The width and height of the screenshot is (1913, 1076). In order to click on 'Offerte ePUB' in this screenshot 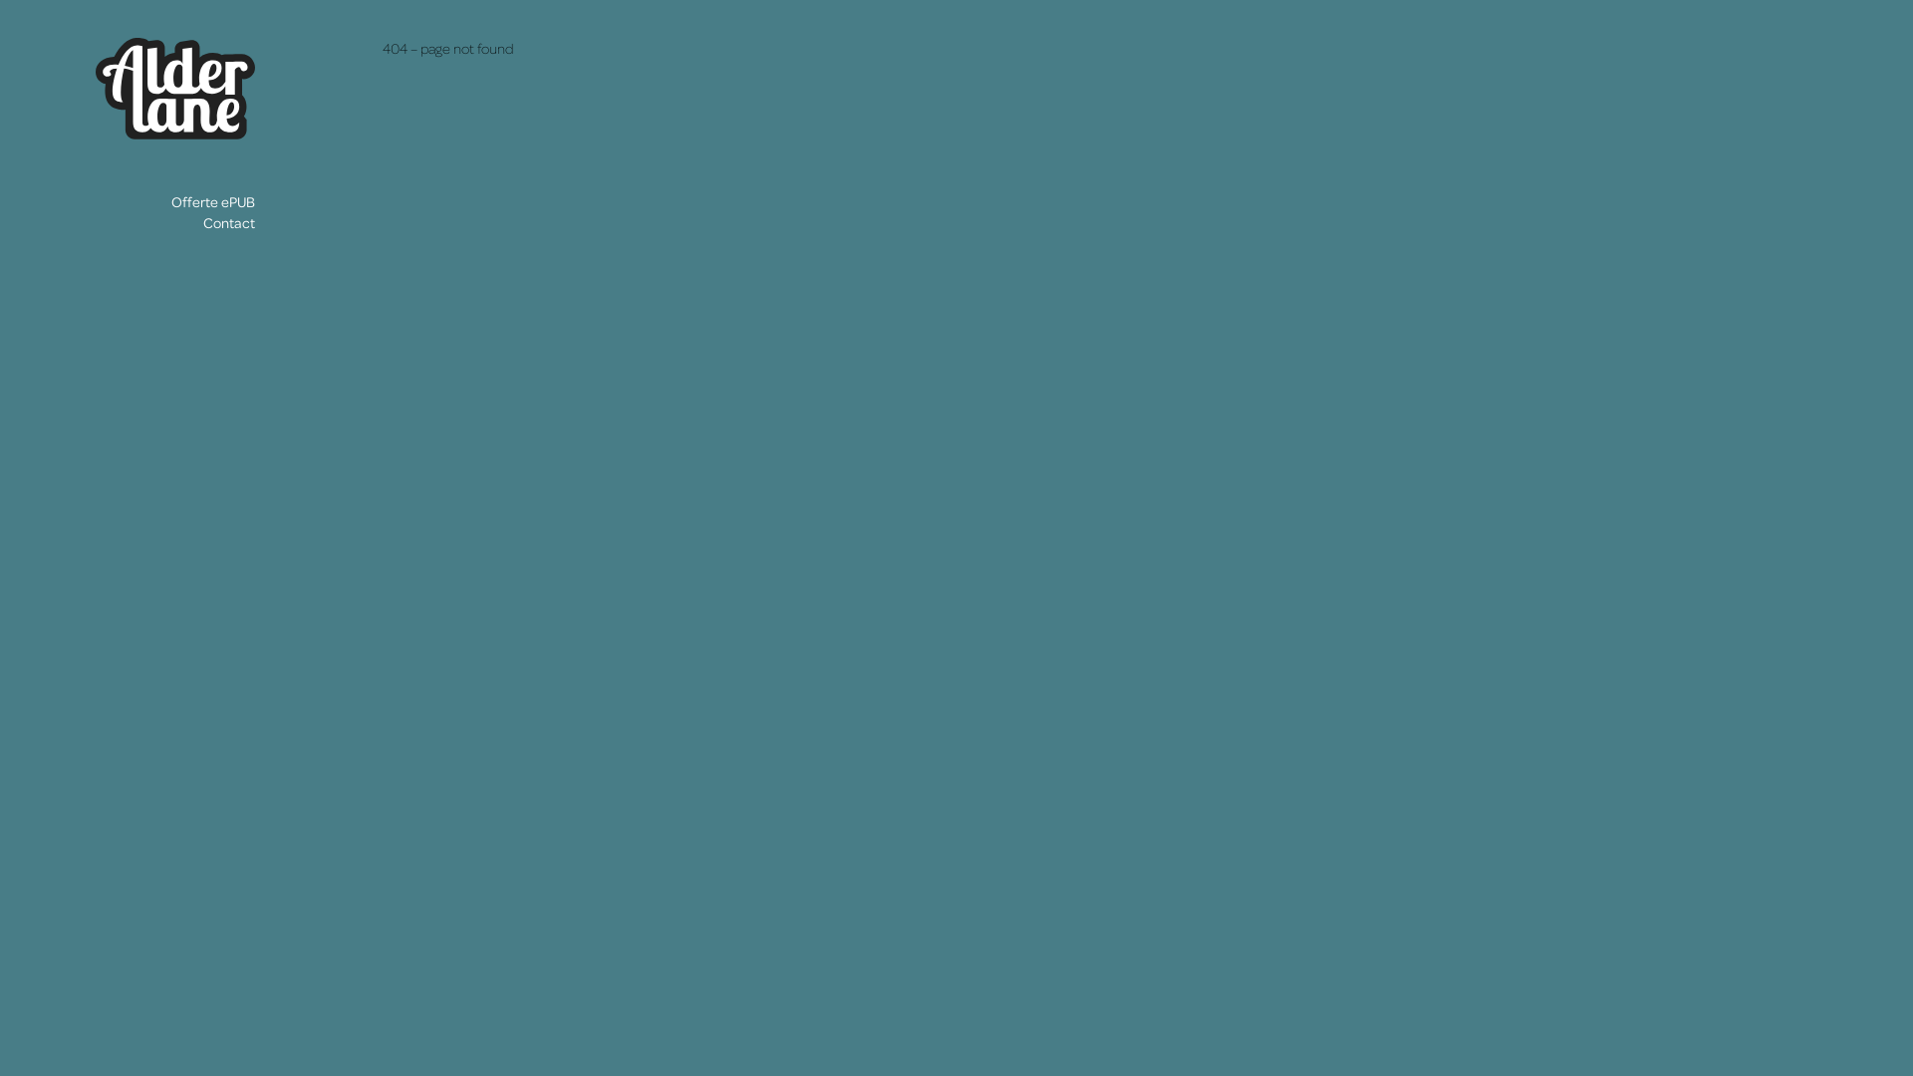, I will do `click(213, 201)`.